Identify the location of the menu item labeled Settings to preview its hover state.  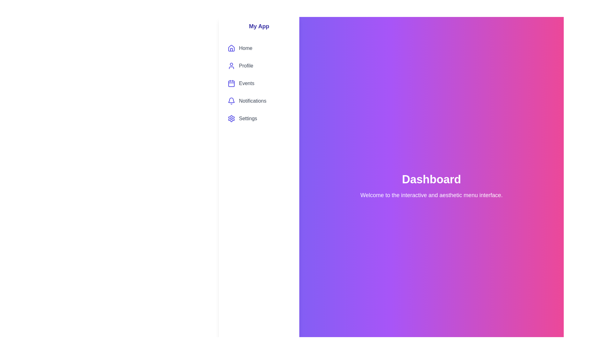
(259, 119).